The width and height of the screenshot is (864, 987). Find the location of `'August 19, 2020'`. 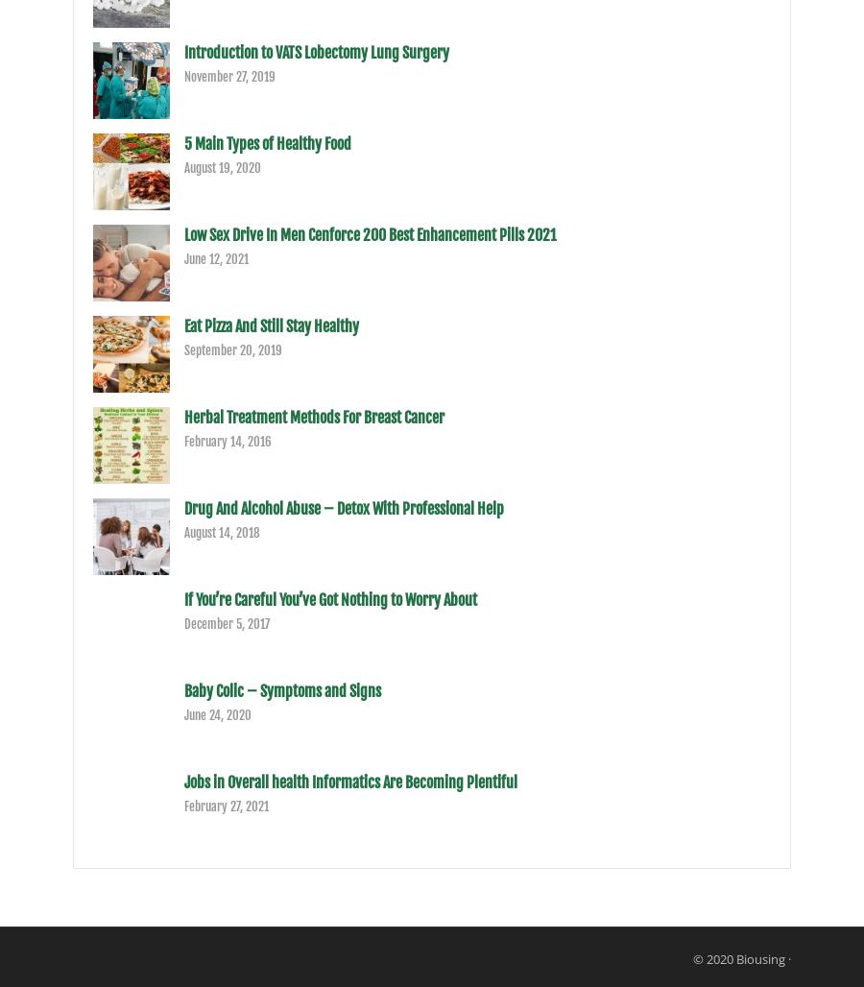

'August 19, 2020' is located at coordinates (183, 167).